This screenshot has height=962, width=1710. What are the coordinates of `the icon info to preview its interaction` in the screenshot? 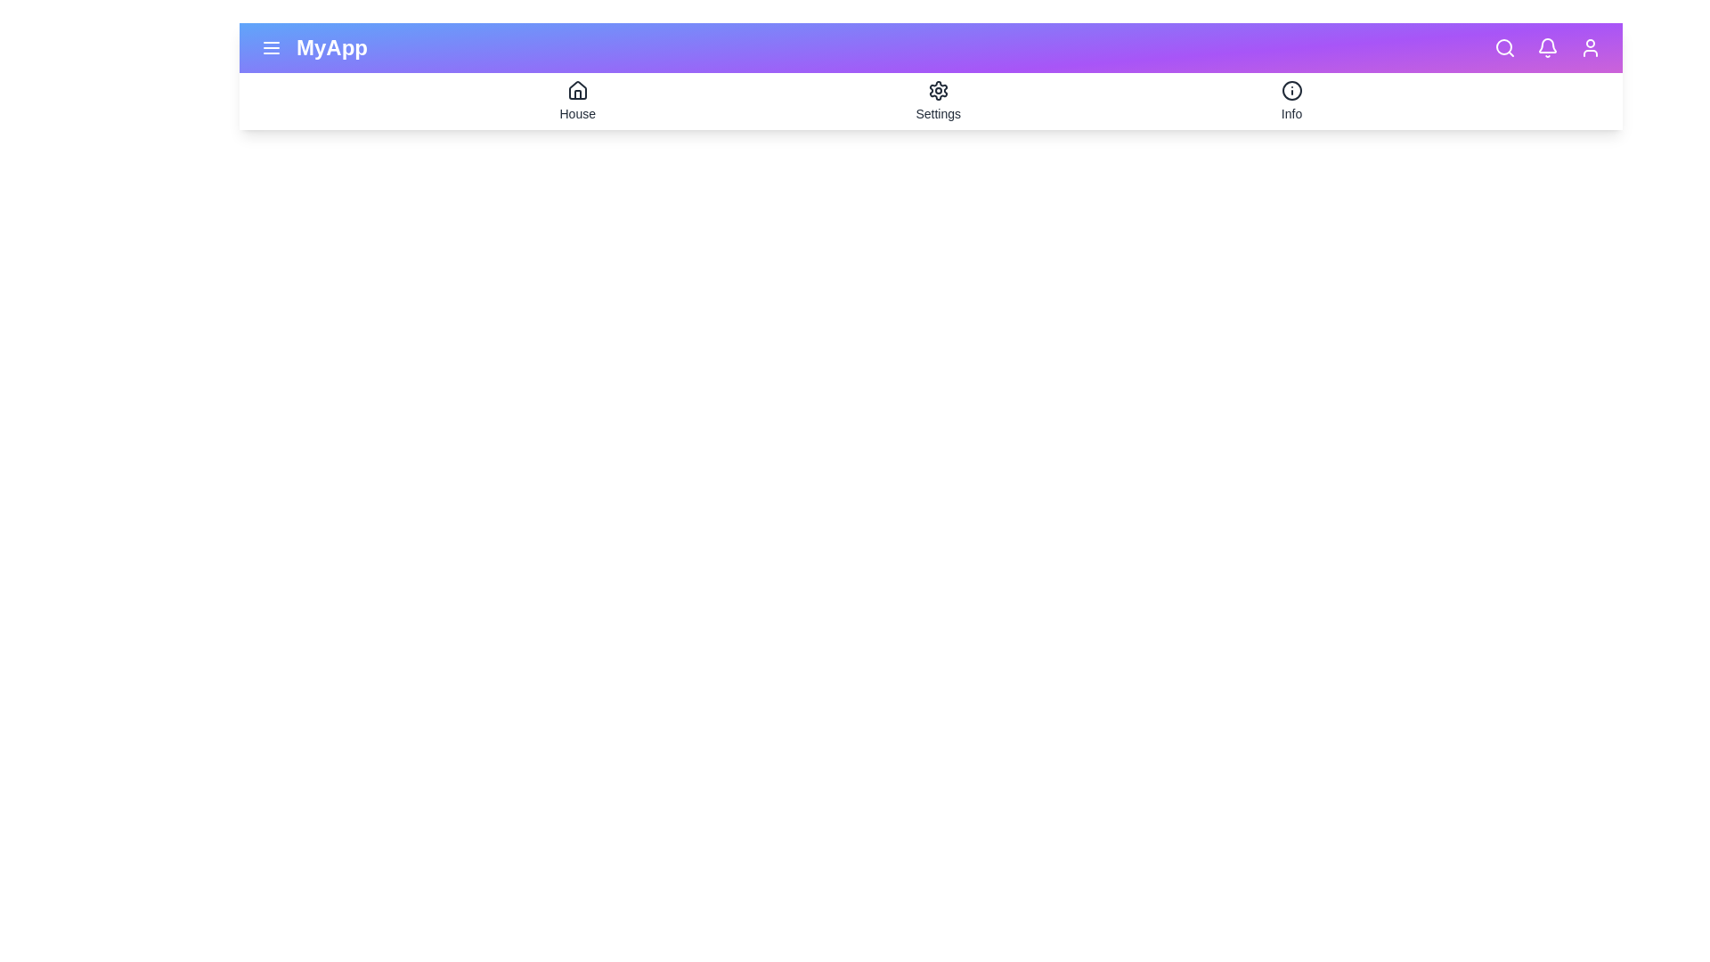 It's located at (1291, 90).